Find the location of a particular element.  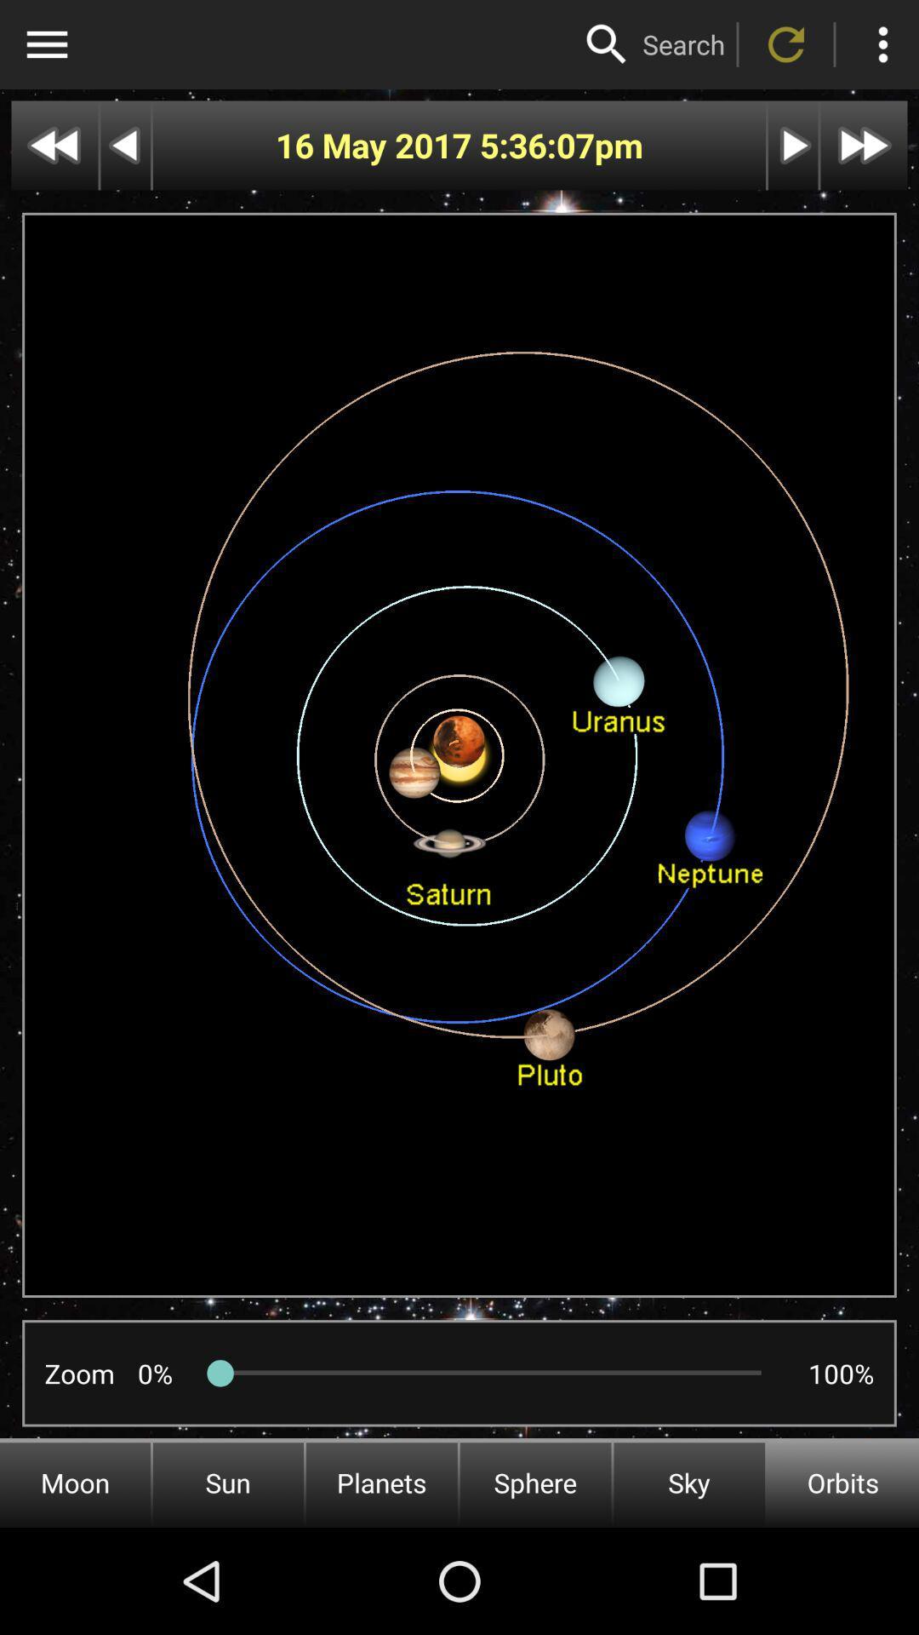

sidebar menu is located at coordinates (46, 44).